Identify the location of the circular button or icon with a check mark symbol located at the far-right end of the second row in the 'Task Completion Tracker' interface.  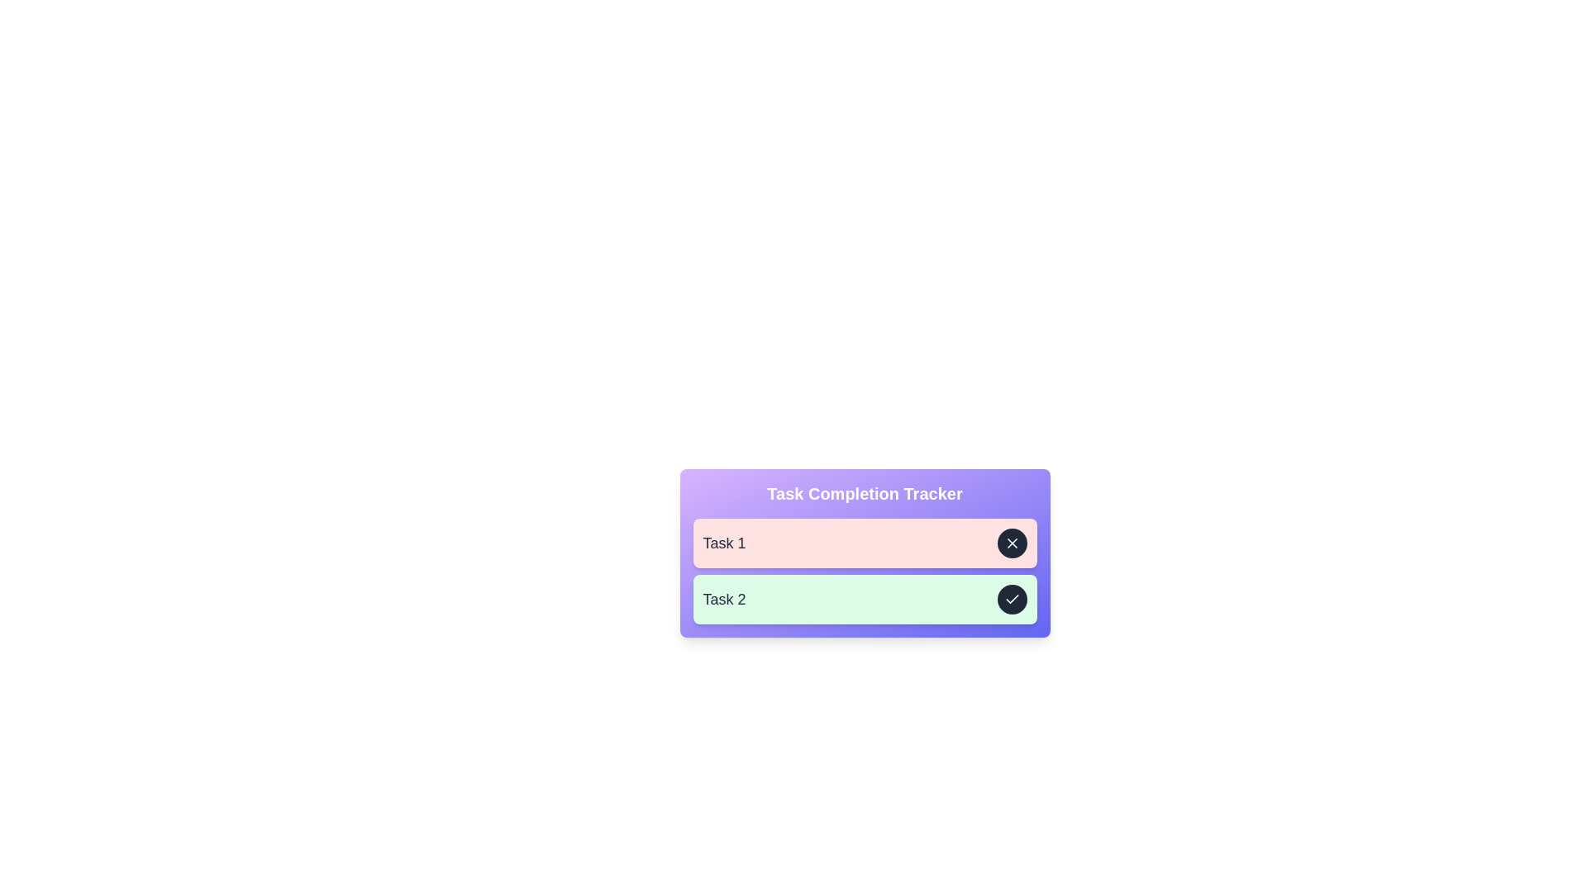
(1011, 599).